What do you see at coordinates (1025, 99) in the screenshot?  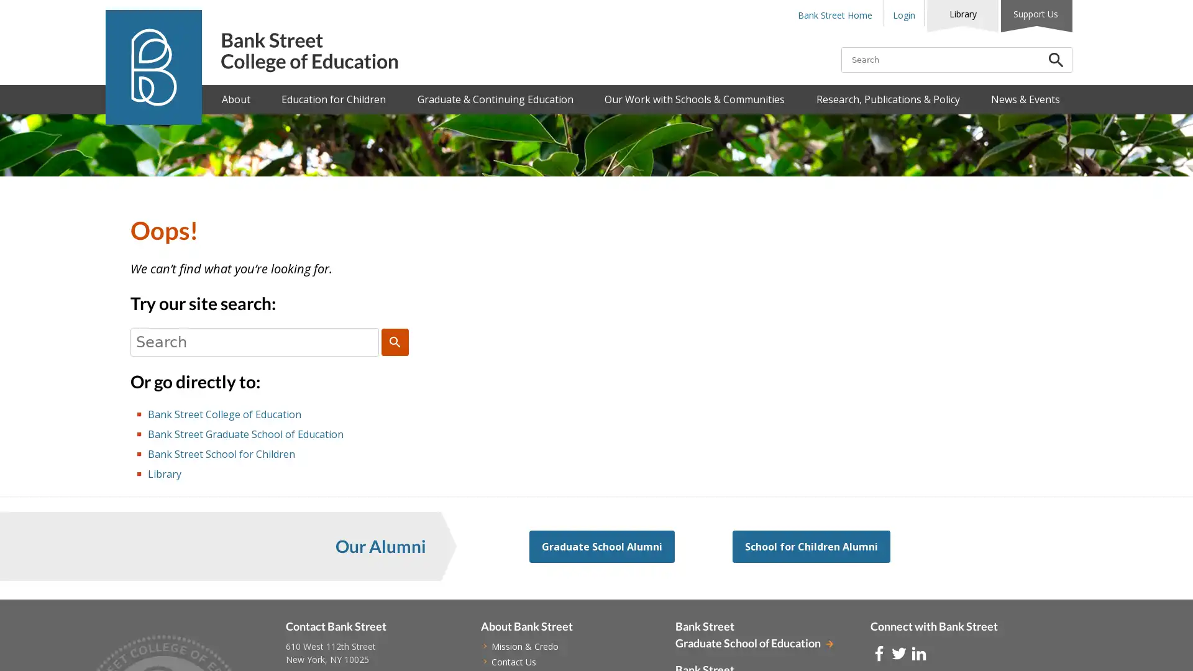 I see `News & Events` at bounding box center [1025, 99].